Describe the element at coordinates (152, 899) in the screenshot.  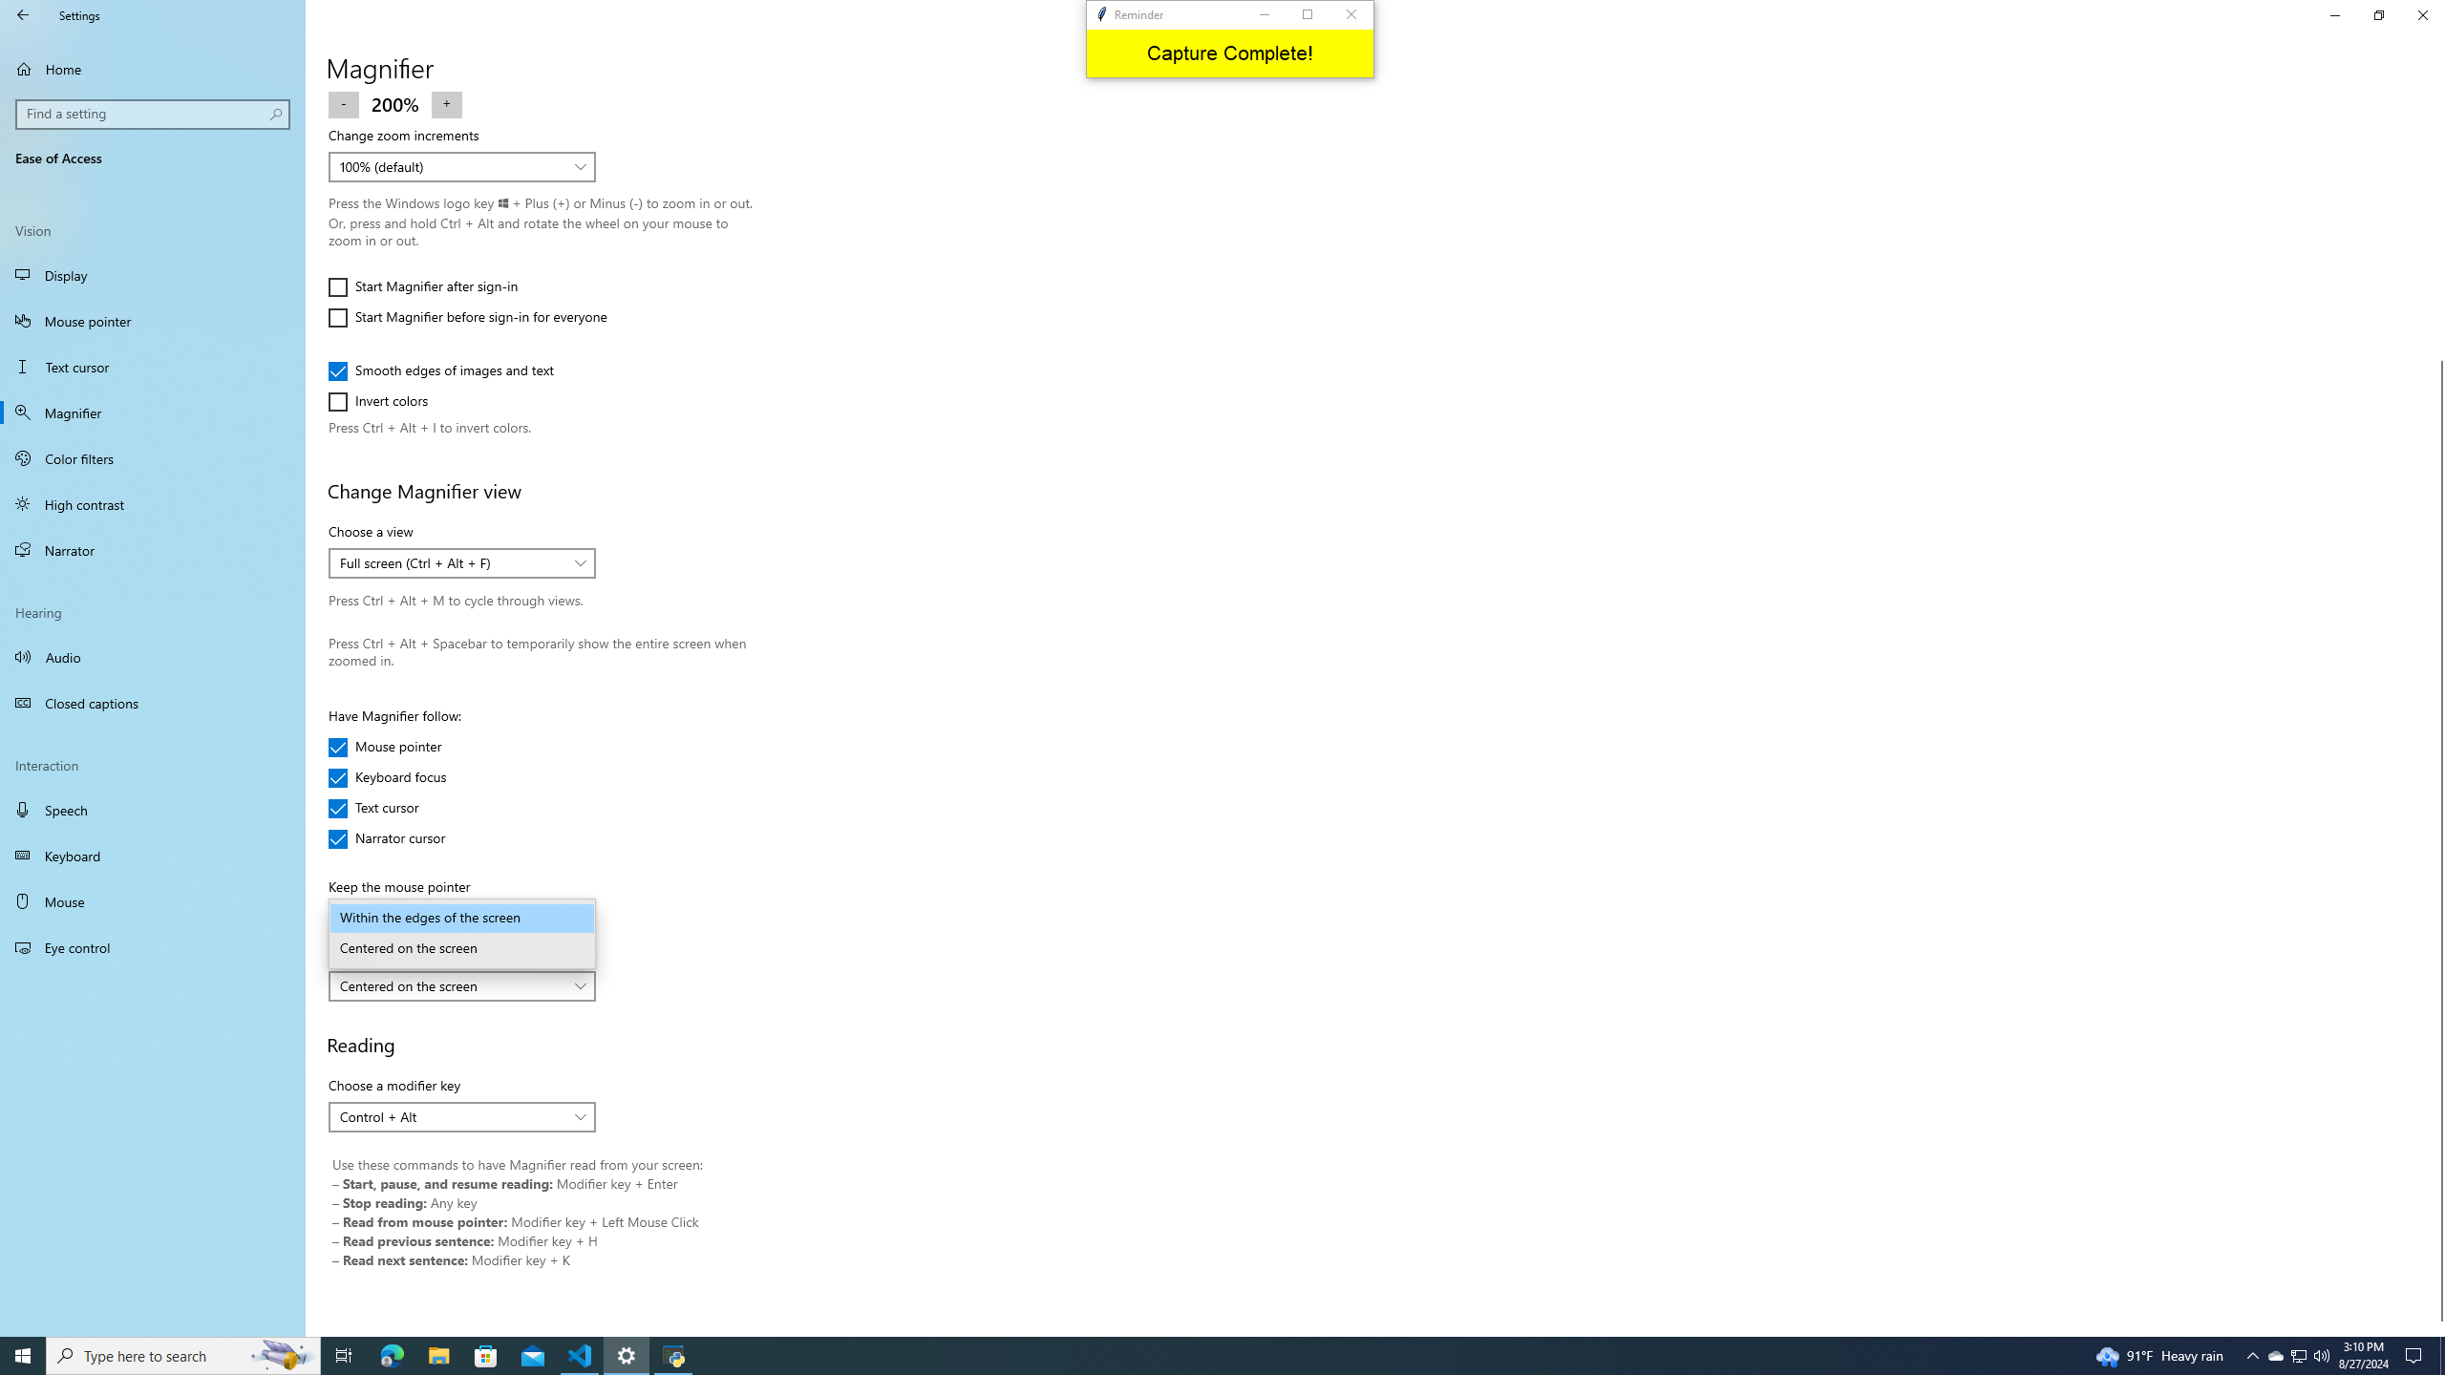
I see `'Mouse'` at that location.